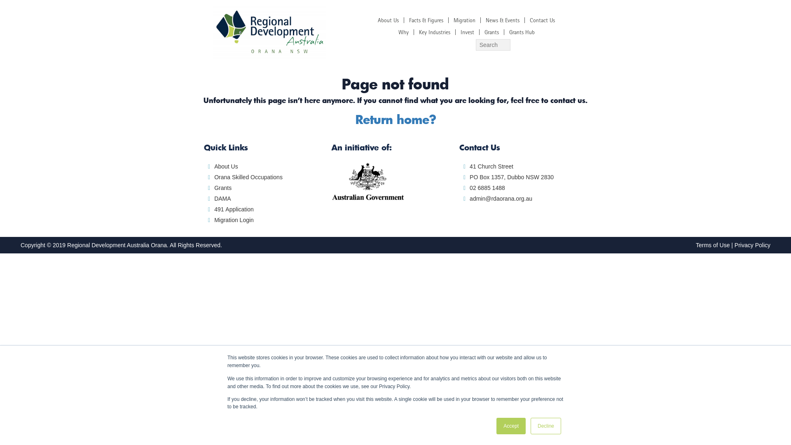 This screenshot has width=791, height=445. Describe the element at coordinates (712, 244) in the screenshot. I see `'Terms of Use'` at that location.